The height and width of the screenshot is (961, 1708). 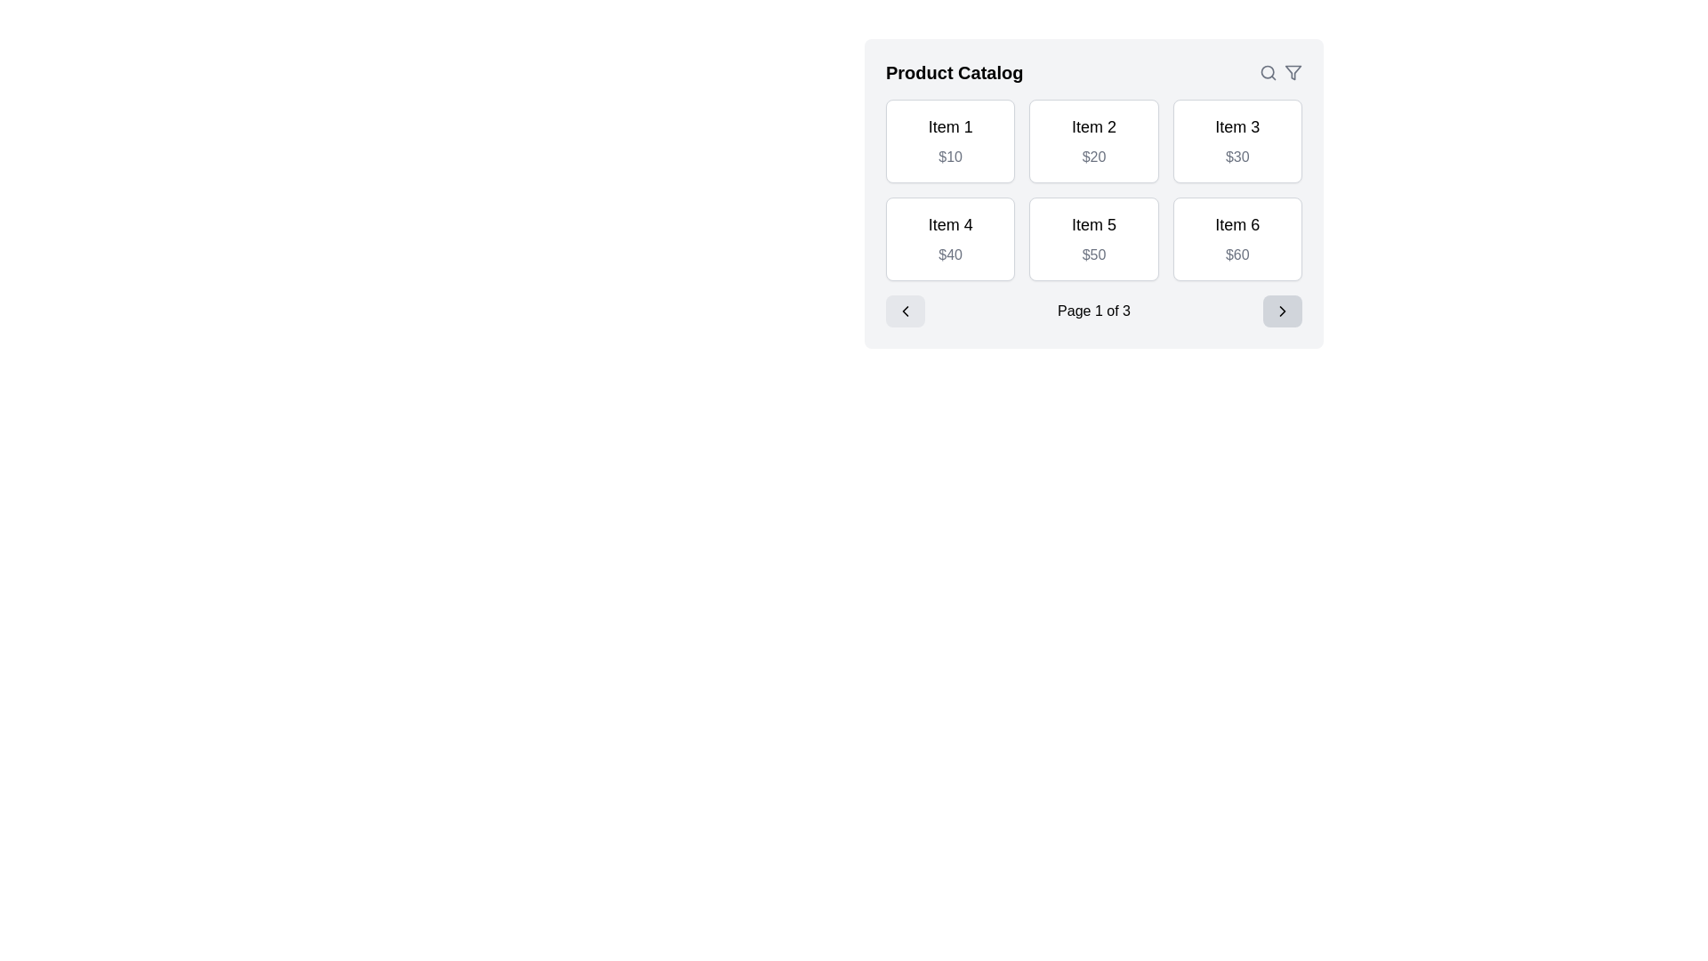 What do you see at coordinates (1092, 224) in the screenshot?
I see `the text label in the second row and second column of the 'Product Catalog' section that is situated above the '$50' text` at bounding box center [1092, 224].